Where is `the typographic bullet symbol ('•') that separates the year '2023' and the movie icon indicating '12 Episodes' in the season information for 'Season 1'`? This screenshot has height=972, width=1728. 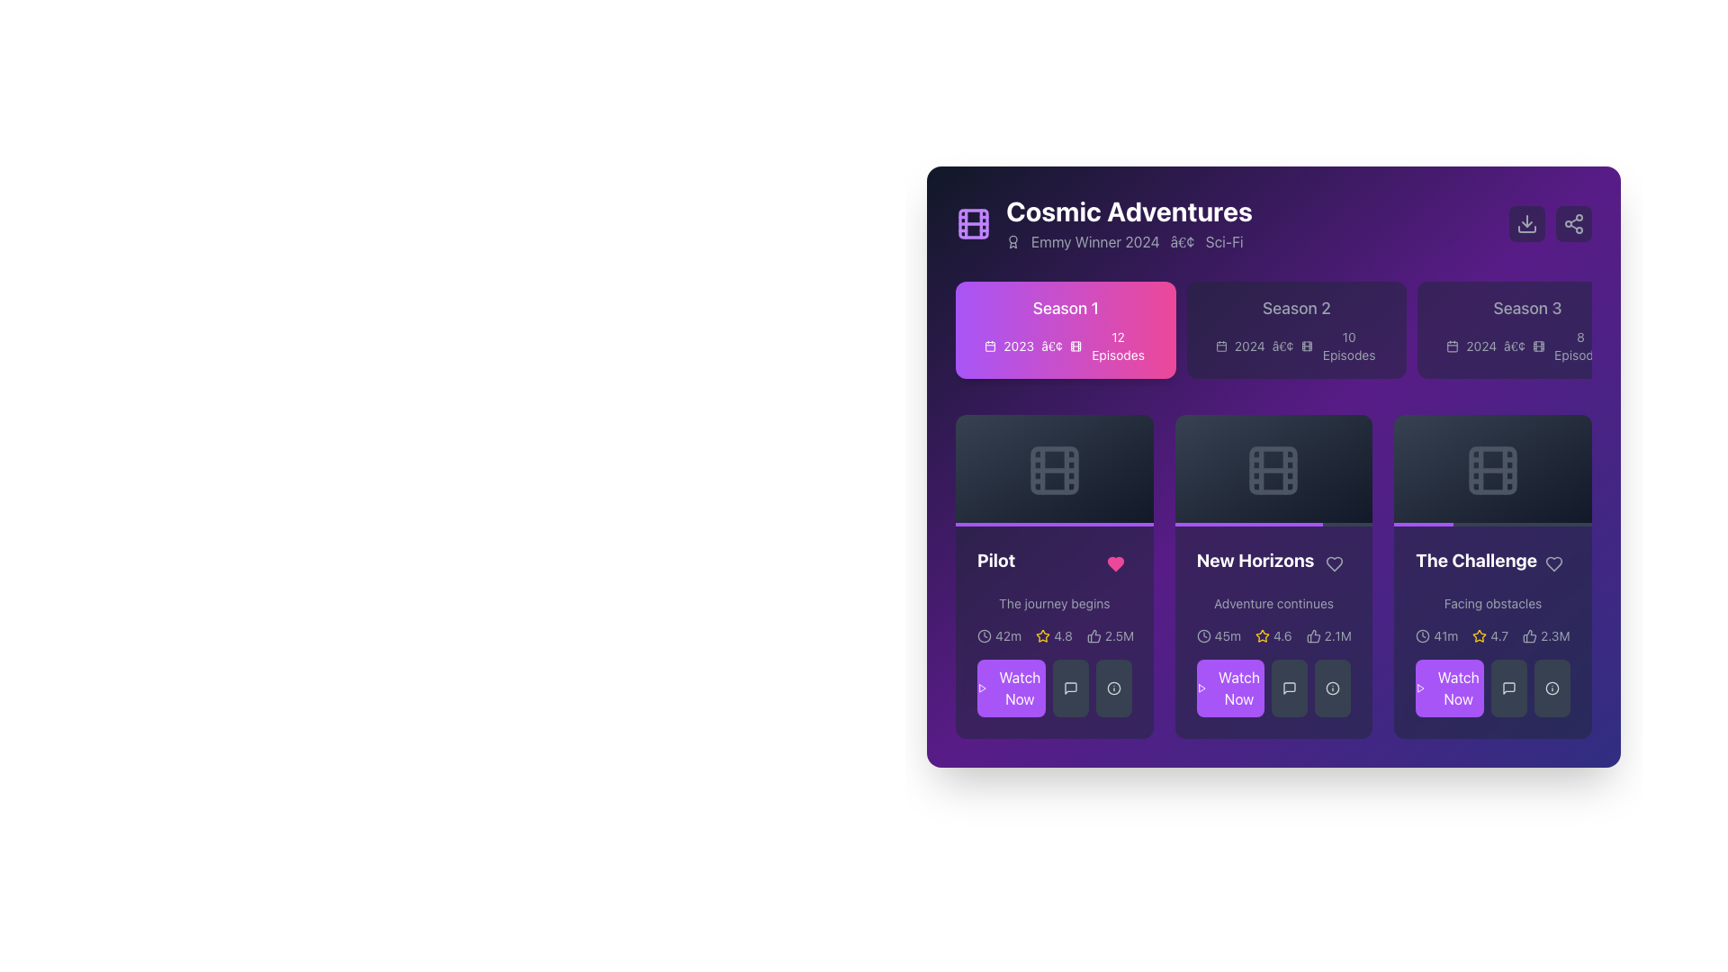
the typographic bullet symbol ('•') that separates the year '2023' and the movie icon indicating '12 Episodes' in the season information for 'Season 1' is located at coordinates (1052, 346).